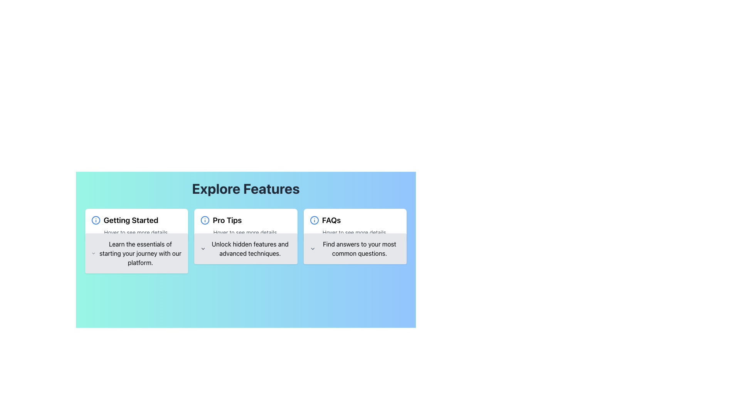 Image resolution: width=740 pixels, height=416 pixels. Describe the element at coordinates (93, 253) in the screenshot. I see `the icon that reveals or collapses additional information in the 'Getting Started' section, located within the leftmost card near the header text` at that location.